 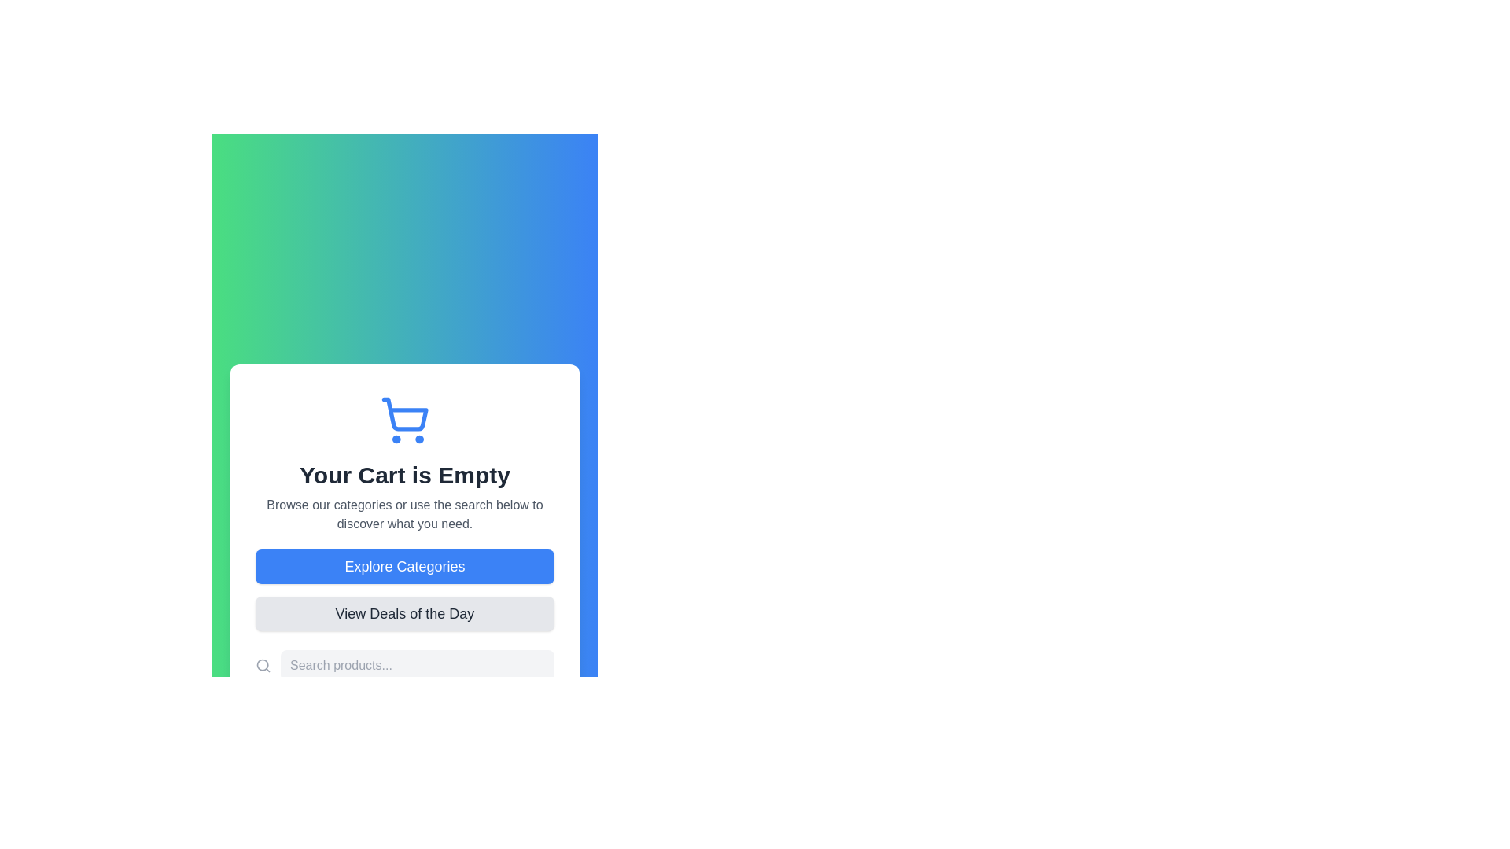 I want to click on the main body of the shopping cart icon located in the upper-middle part of the interface, so click(x=405, y=413).